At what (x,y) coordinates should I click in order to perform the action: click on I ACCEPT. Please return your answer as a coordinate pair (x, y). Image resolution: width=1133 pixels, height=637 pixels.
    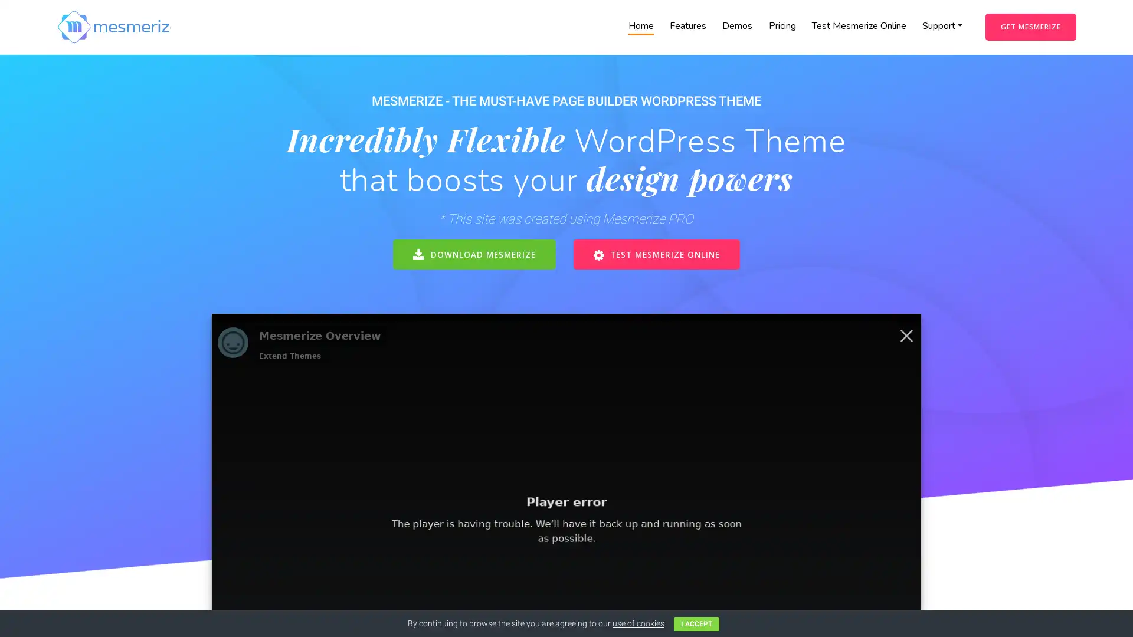
    Looking at the image, I should click on (696, 623).